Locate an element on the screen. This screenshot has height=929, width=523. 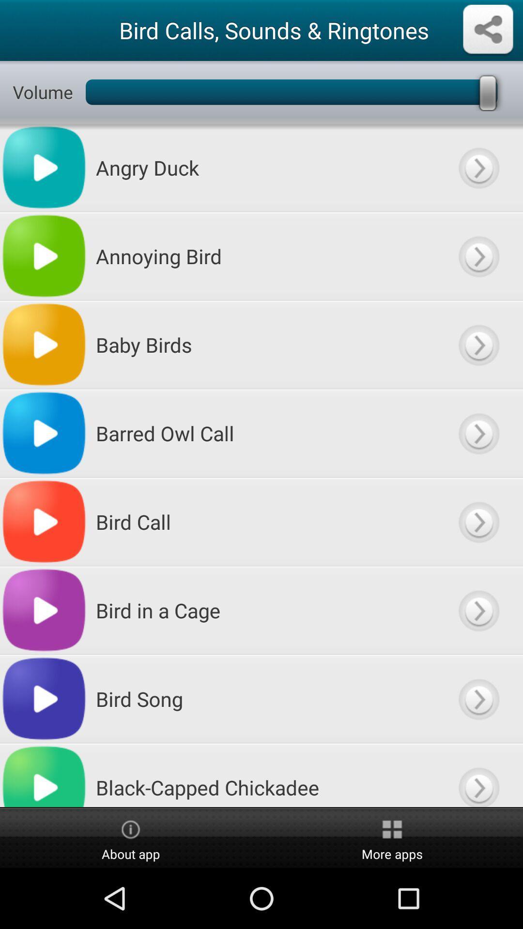
colour page is located at coordinates (478, 433).